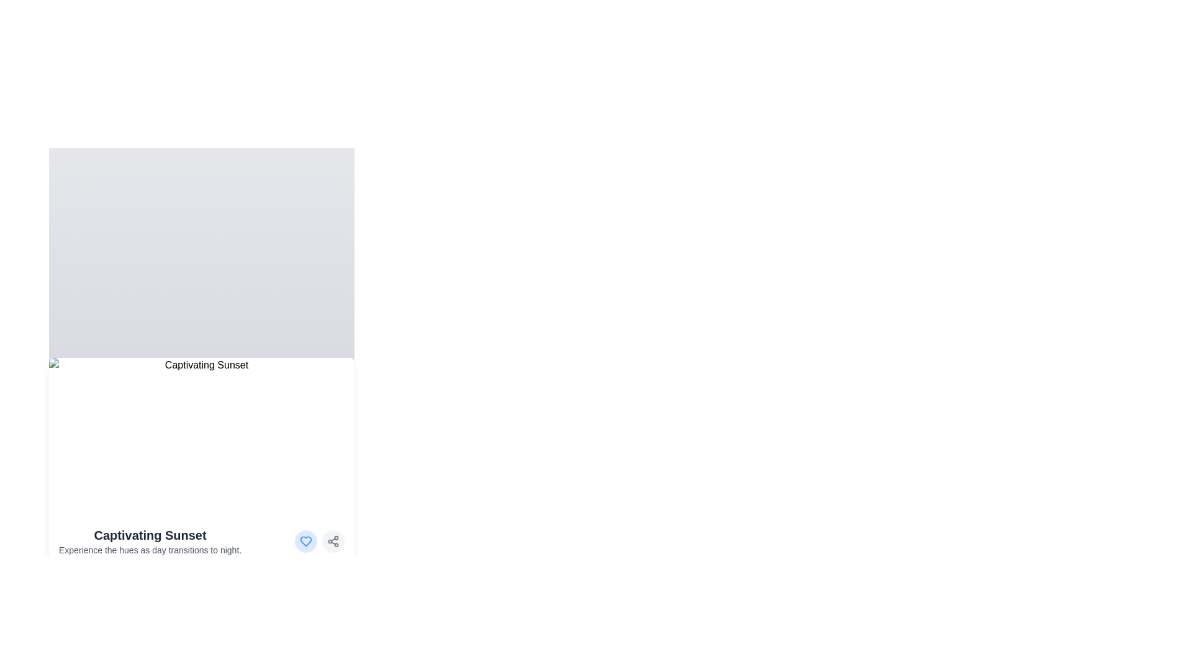  Describe the element at coordinates (150, 550) in the screenshot. I see `text element styled with a smaller font size and gray color, which is positioned directly below the bold title 'Captivating Sunset'` at that location.